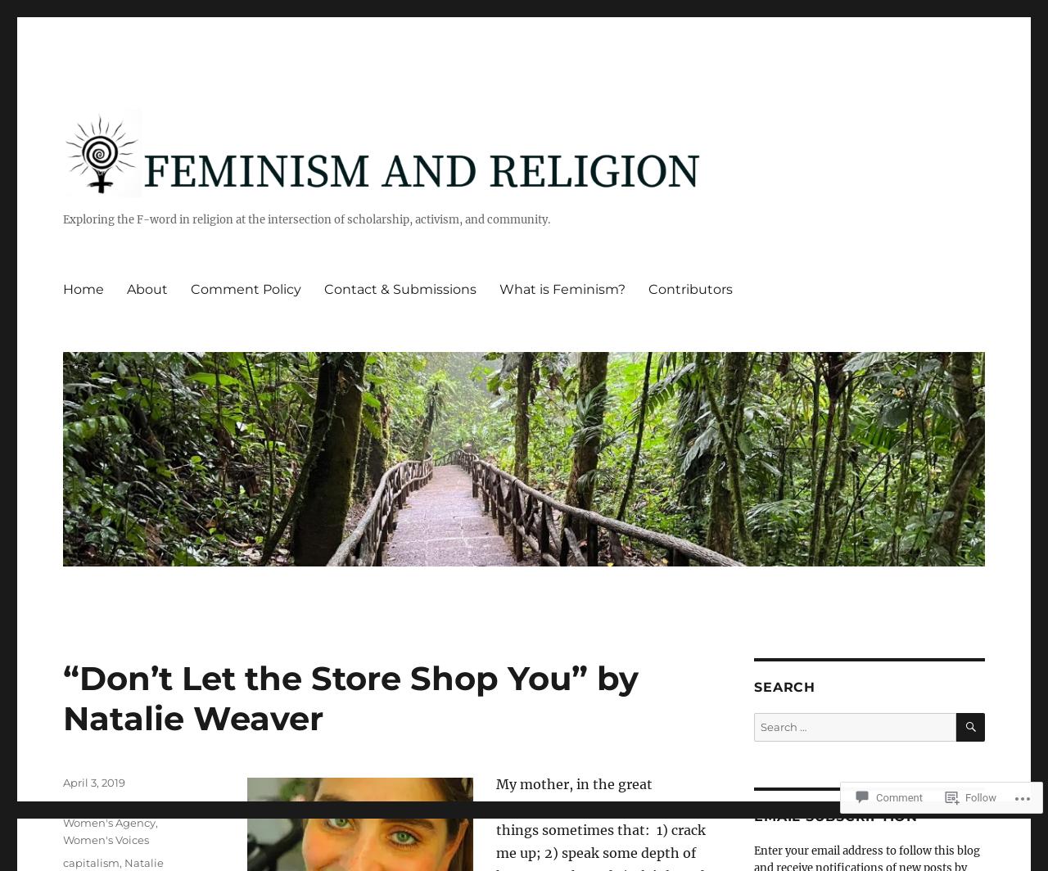  Describe the element at coordinates (875, 796) in the screenshot. I see `'Comment'` at that location.